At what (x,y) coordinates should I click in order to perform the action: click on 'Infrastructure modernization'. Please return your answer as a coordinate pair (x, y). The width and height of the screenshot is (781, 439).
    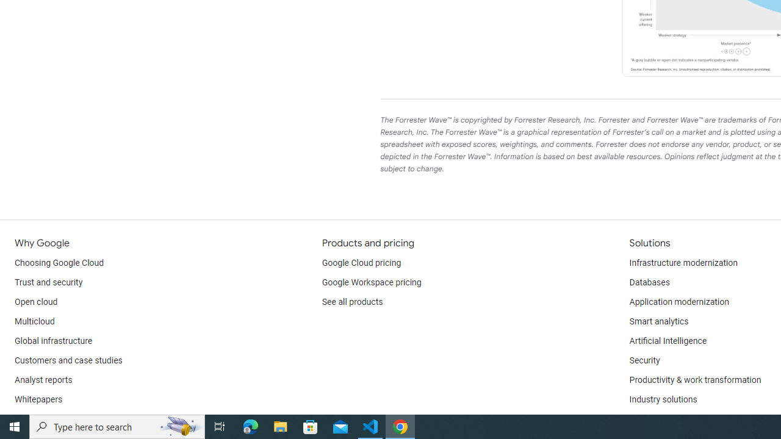
    Looking at the image, I should click on (683, 263).